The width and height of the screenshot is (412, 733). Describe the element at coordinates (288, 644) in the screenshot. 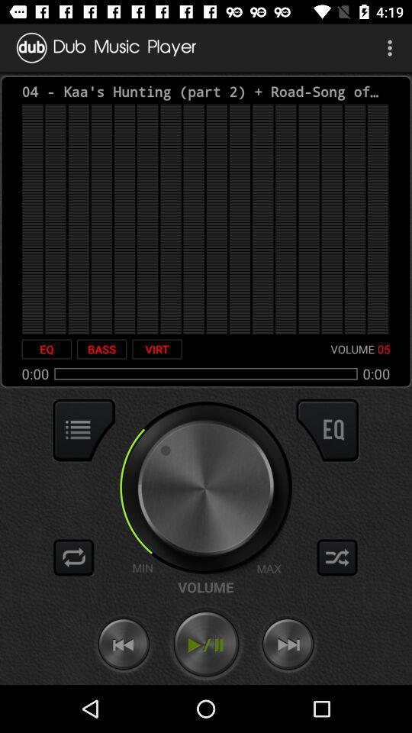

I see `forward/jump forward` at that location.